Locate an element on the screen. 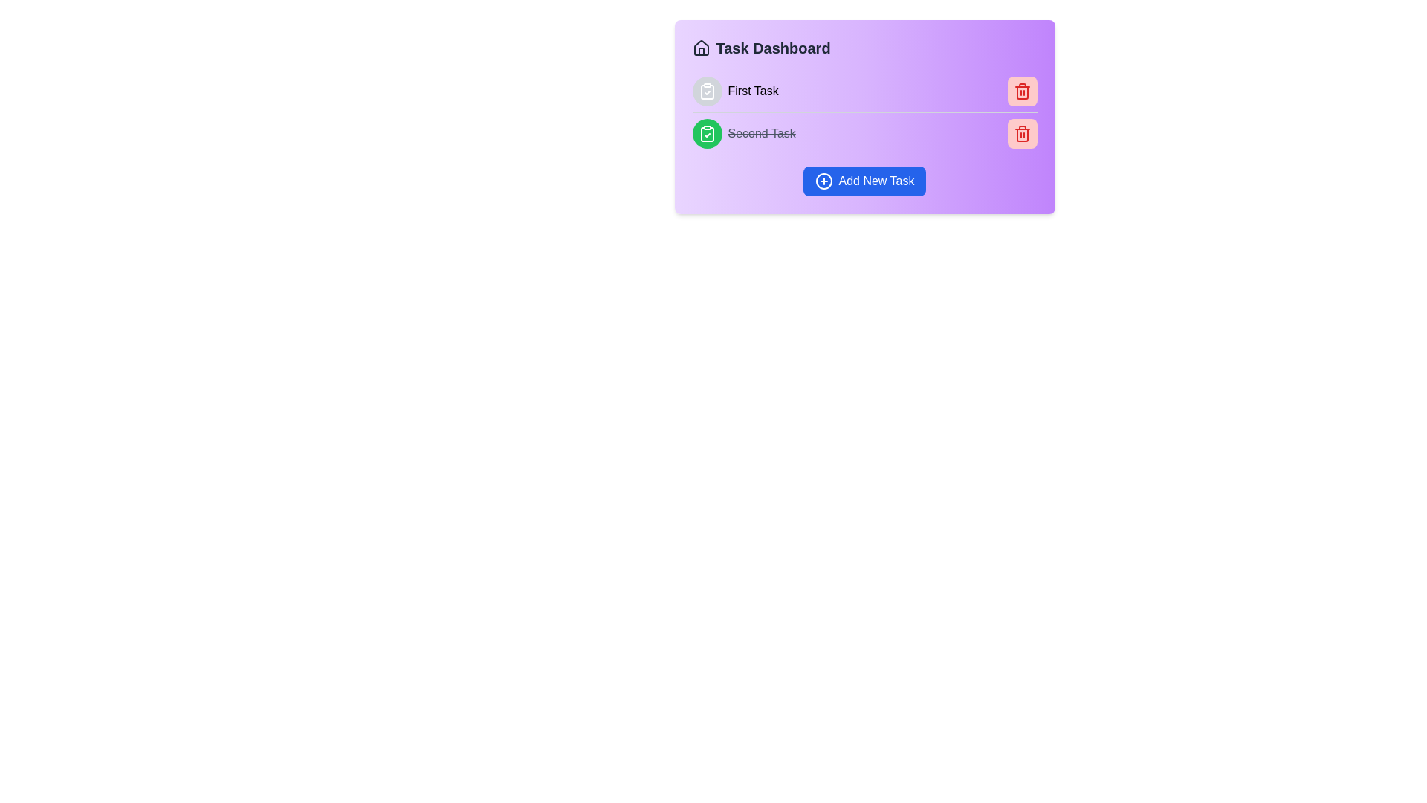 The width and height of the screenshot is (1427, 803). the circular button with an icon representing the completion status of the 'First Task' is located at coordinates (706, 91).